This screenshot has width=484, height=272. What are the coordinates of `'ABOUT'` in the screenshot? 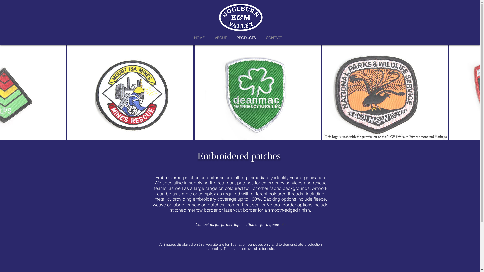 It's located at (221, 37).